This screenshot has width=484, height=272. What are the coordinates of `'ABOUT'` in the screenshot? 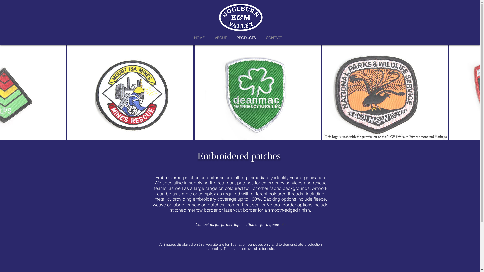 It's located at (221, 37).